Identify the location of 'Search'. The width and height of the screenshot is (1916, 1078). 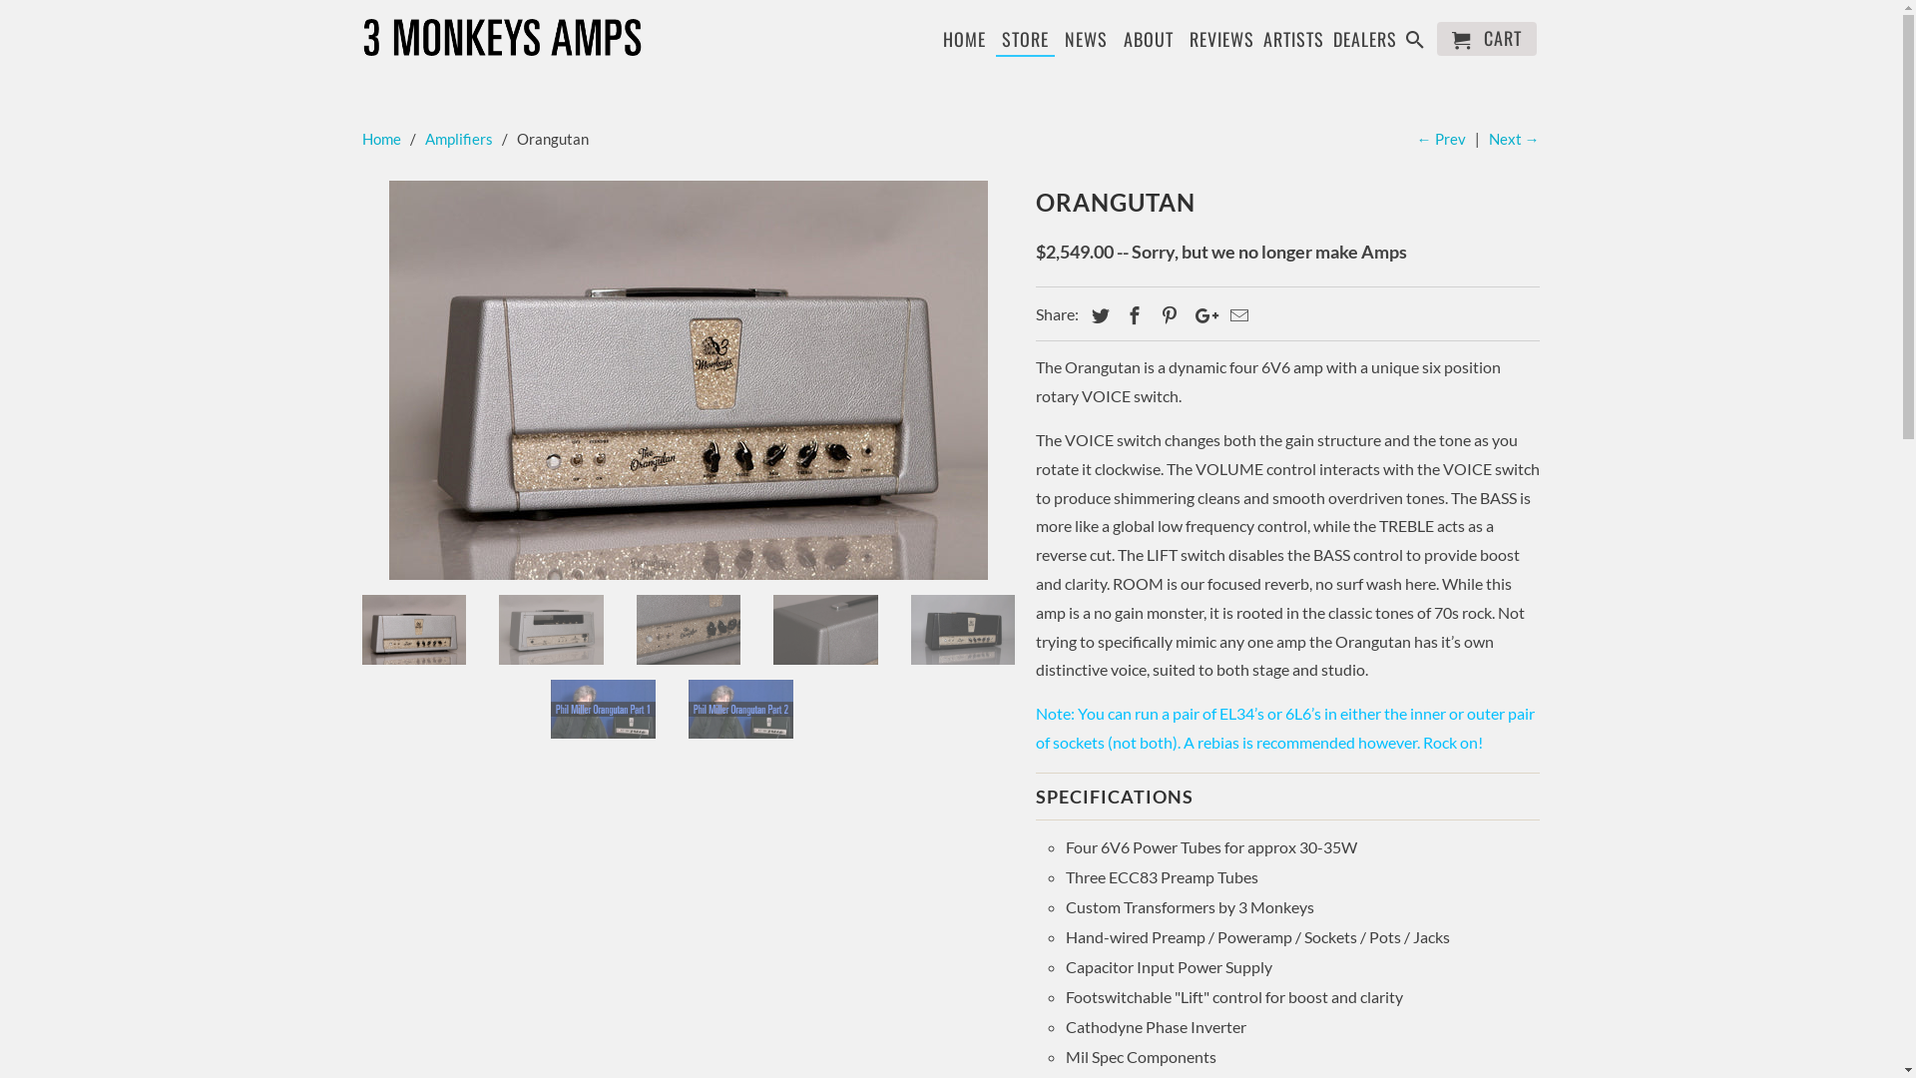
(1416, 42).